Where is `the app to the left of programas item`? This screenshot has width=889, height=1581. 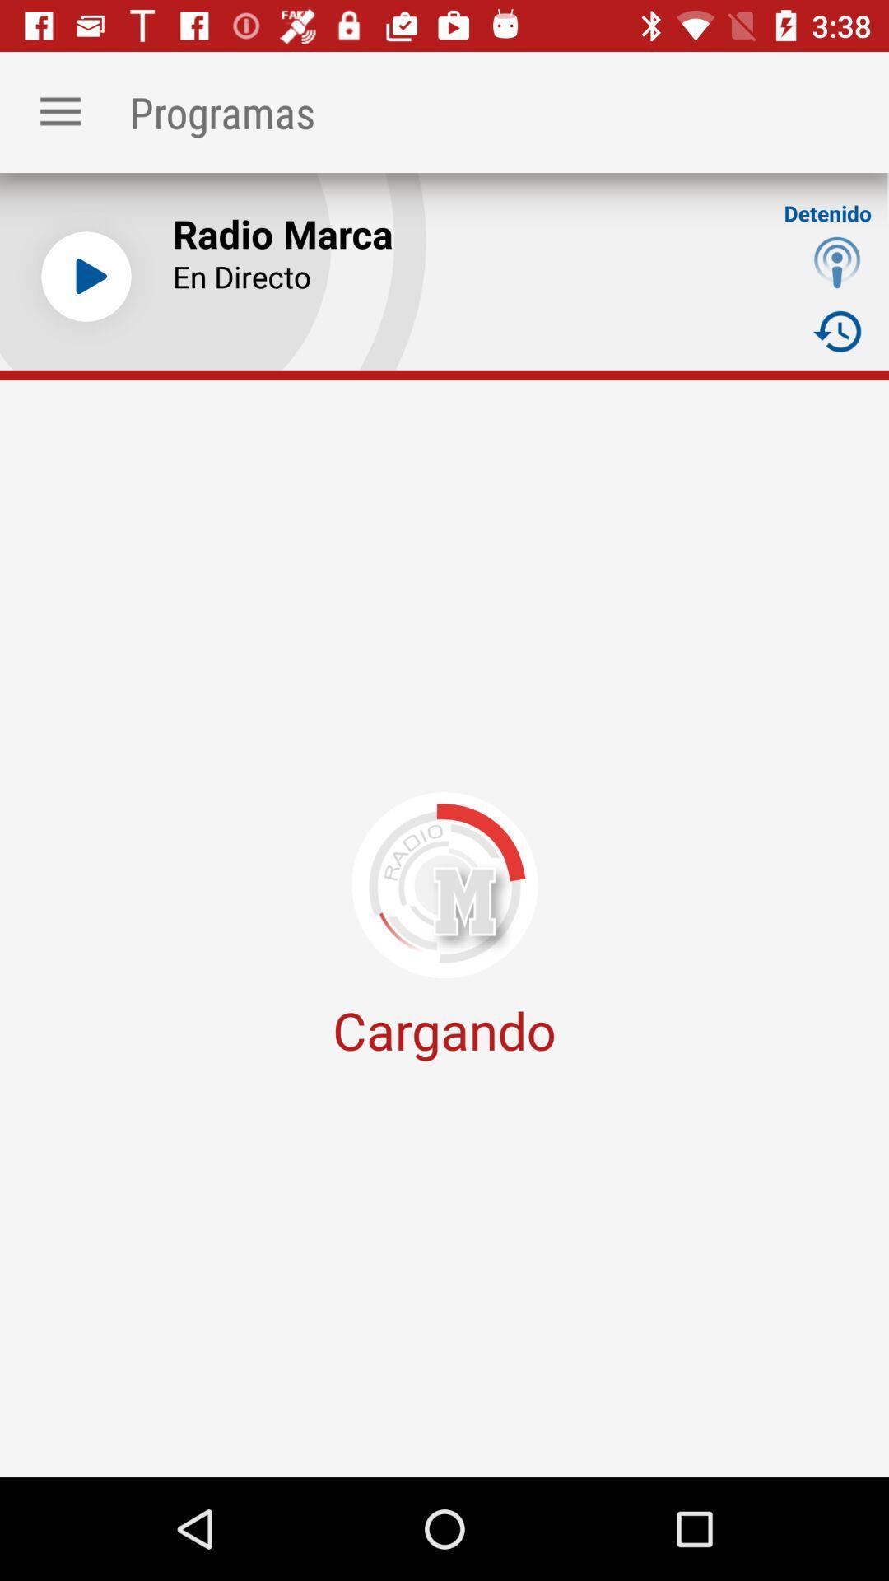
the app to the left of programas item is located at coordinates (59, 111).